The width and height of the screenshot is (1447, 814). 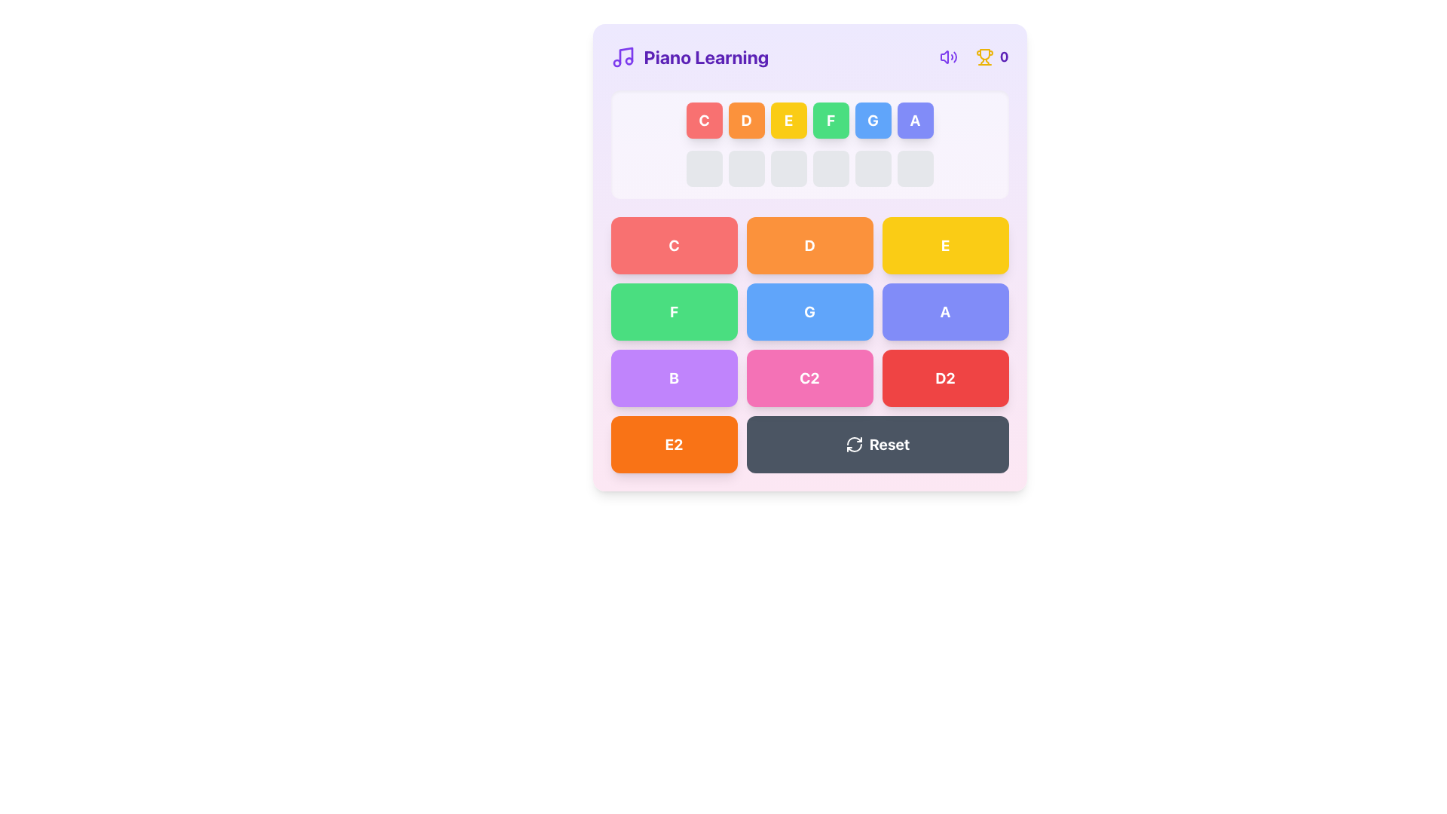 I want to click on the rectangular button with a bold 'D' in the center, styled with a bright orange background and white text, located in the second column of the first row under 'Piano Learning', so click(x=809, y=245).